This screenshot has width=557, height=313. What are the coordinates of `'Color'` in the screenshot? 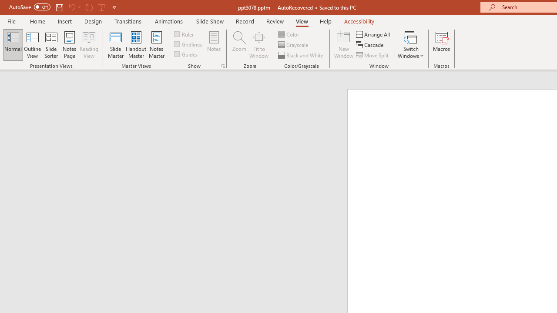 It's located at (289, 34).